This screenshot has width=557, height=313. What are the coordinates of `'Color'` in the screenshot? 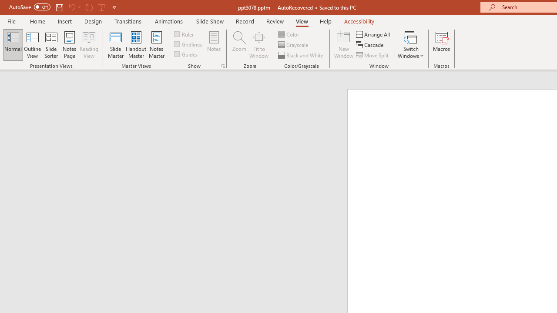 It's located at (289, 34).